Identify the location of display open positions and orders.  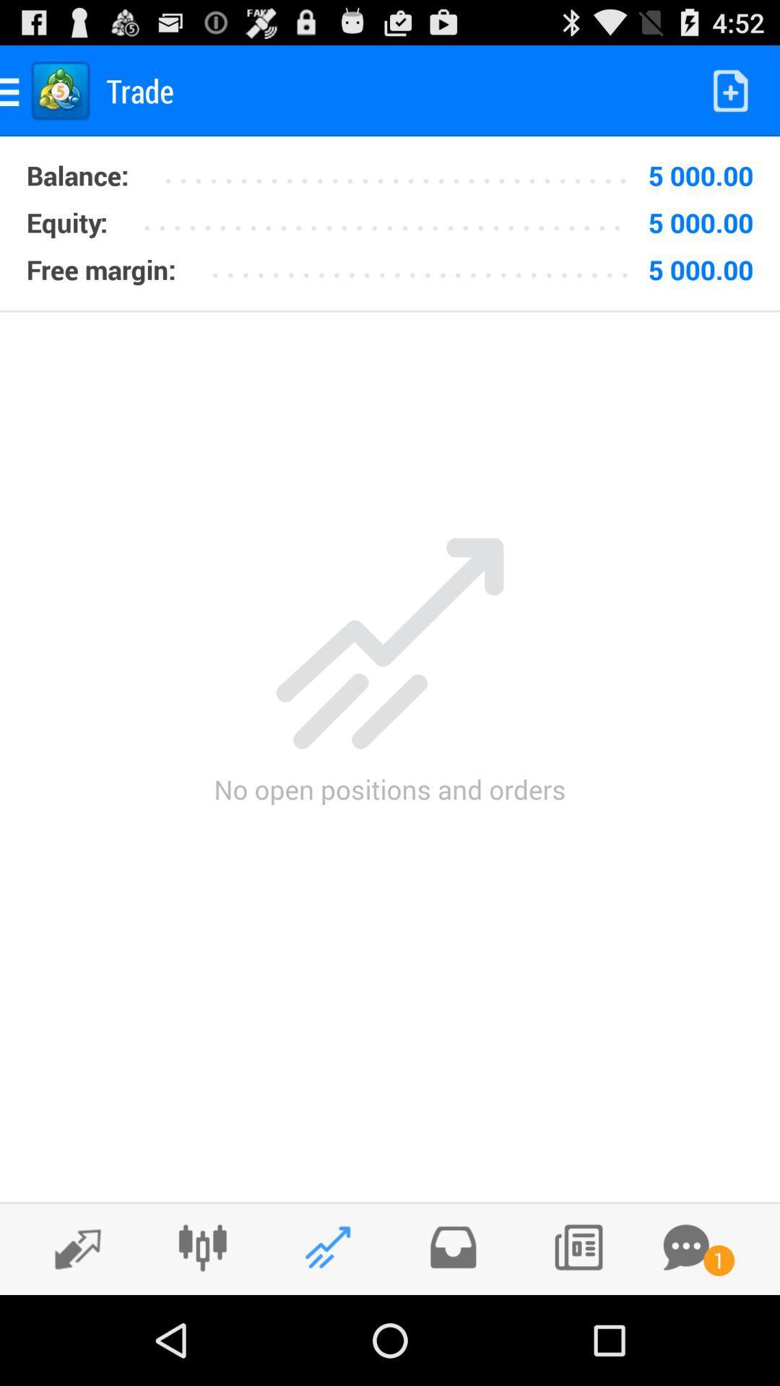
(328, 1247).